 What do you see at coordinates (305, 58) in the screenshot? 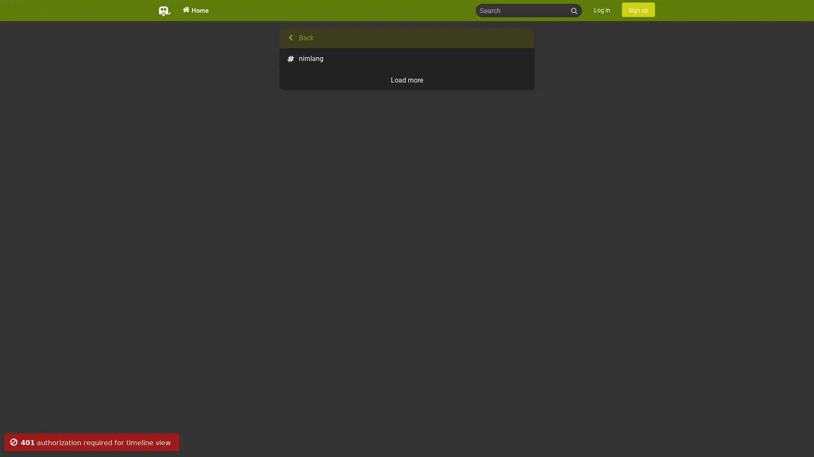
I see `nimlang` at bounding box center [305, 58].